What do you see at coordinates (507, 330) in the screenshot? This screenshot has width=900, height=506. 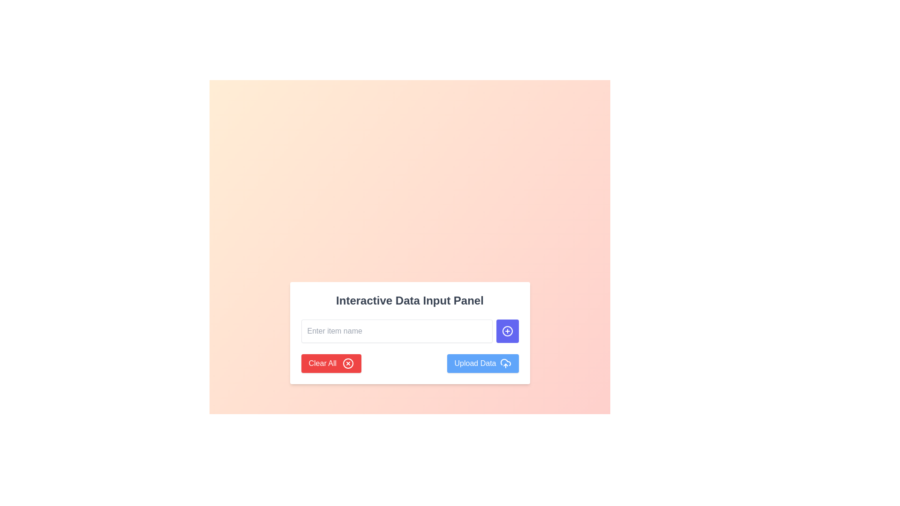 I see `the 'add' button located to the right of the input field in the 'Interactive Data Input Panel'` at bounding box center [507, 330].